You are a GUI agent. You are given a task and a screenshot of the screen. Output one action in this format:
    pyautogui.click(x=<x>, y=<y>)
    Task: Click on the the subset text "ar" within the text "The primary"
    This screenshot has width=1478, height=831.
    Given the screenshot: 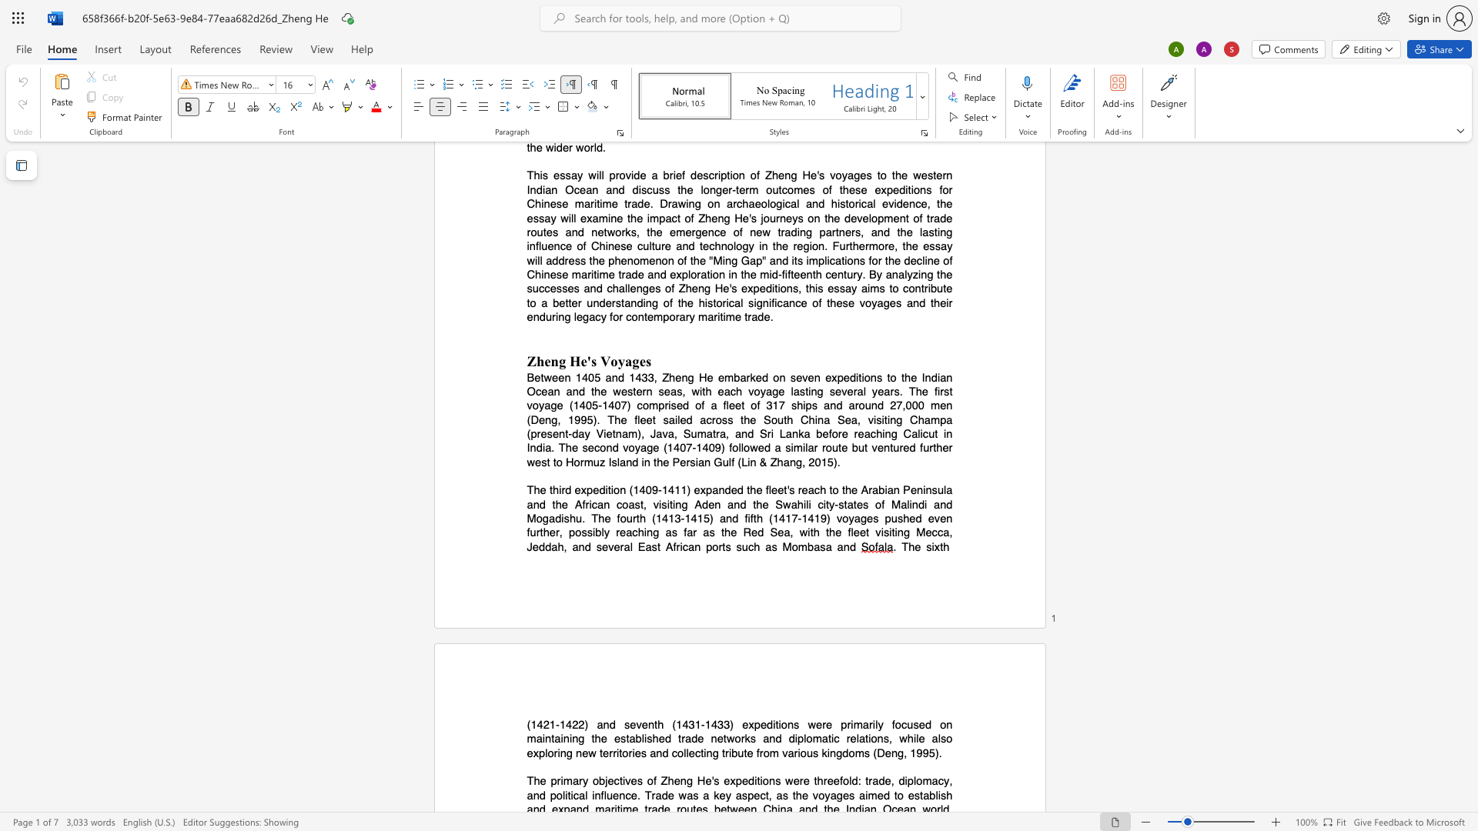 What is the action you would take?
    pyautogui.click(x=571, y=781)
    